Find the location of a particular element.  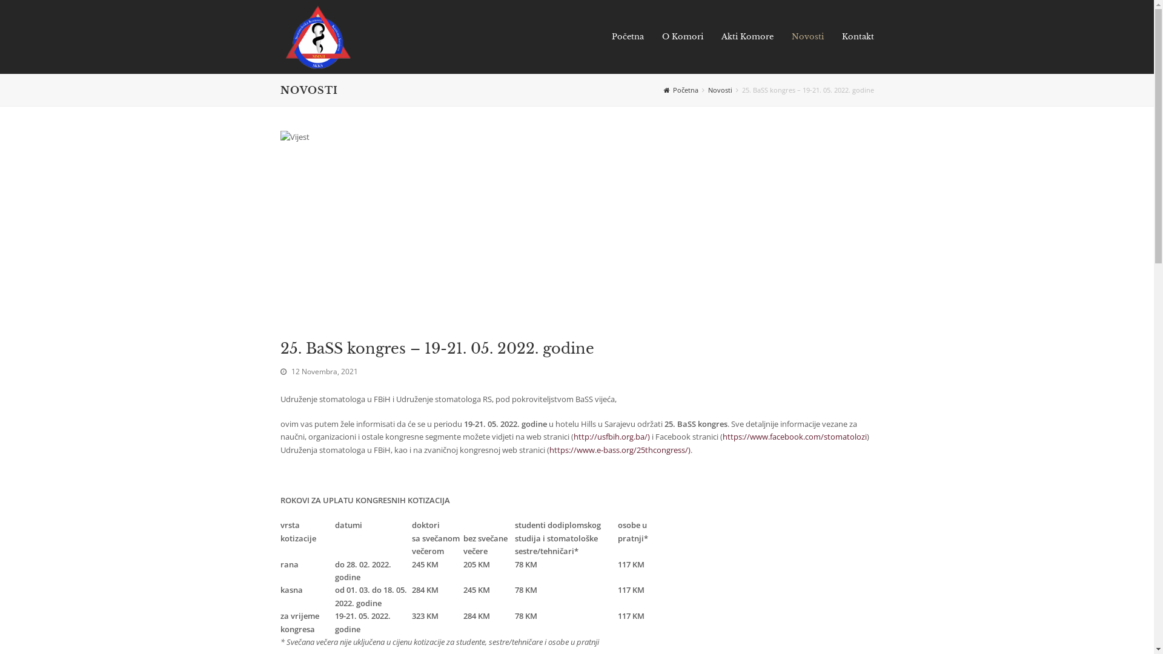

'https://www.e-bass.org/25thcongress/)' is located at coordinates (619, 450).